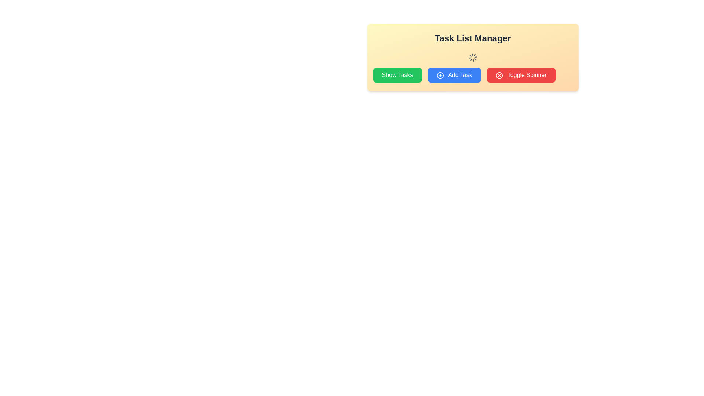 This screenshot has width=704, height=396. What do you see at coordinates (473, 57) in the screenshot?
I see `the loader (spinner) icon indicating processing, which is a circular design with radial lines in shades of gray, centered between the title 'Task List Manager' and the action buttons` at bounding box center [473, 57].